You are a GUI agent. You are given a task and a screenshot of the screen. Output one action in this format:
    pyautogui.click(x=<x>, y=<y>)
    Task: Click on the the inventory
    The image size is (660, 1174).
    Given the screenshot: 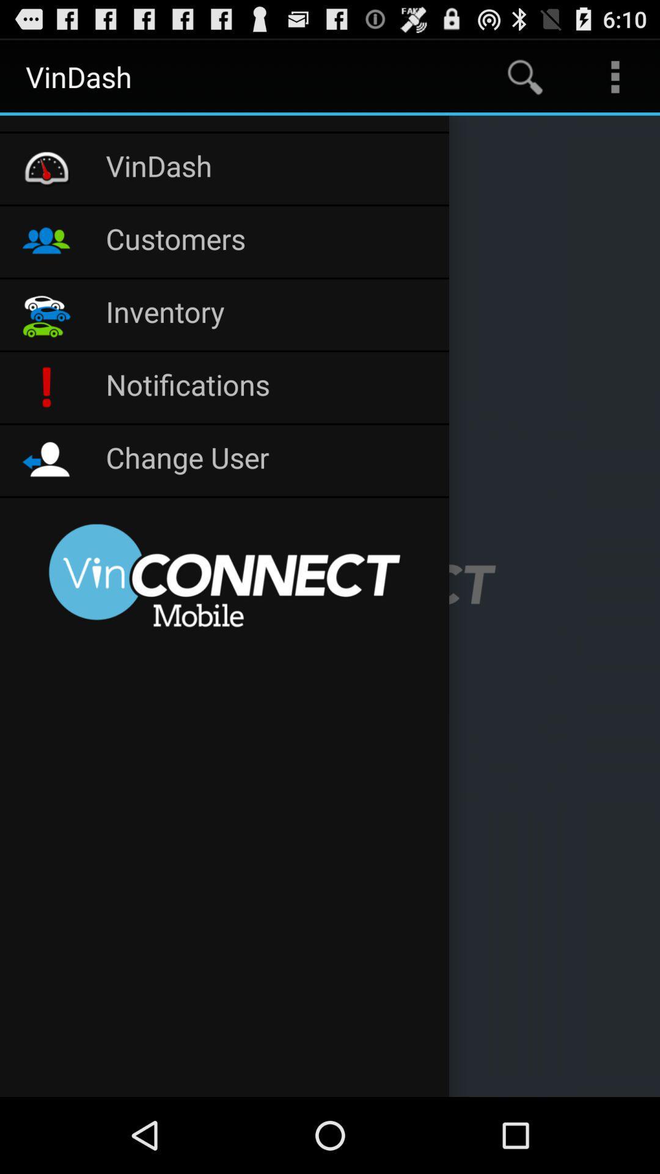 What is the action you would take?
    pyautogui.click(x=270, y=314)
    